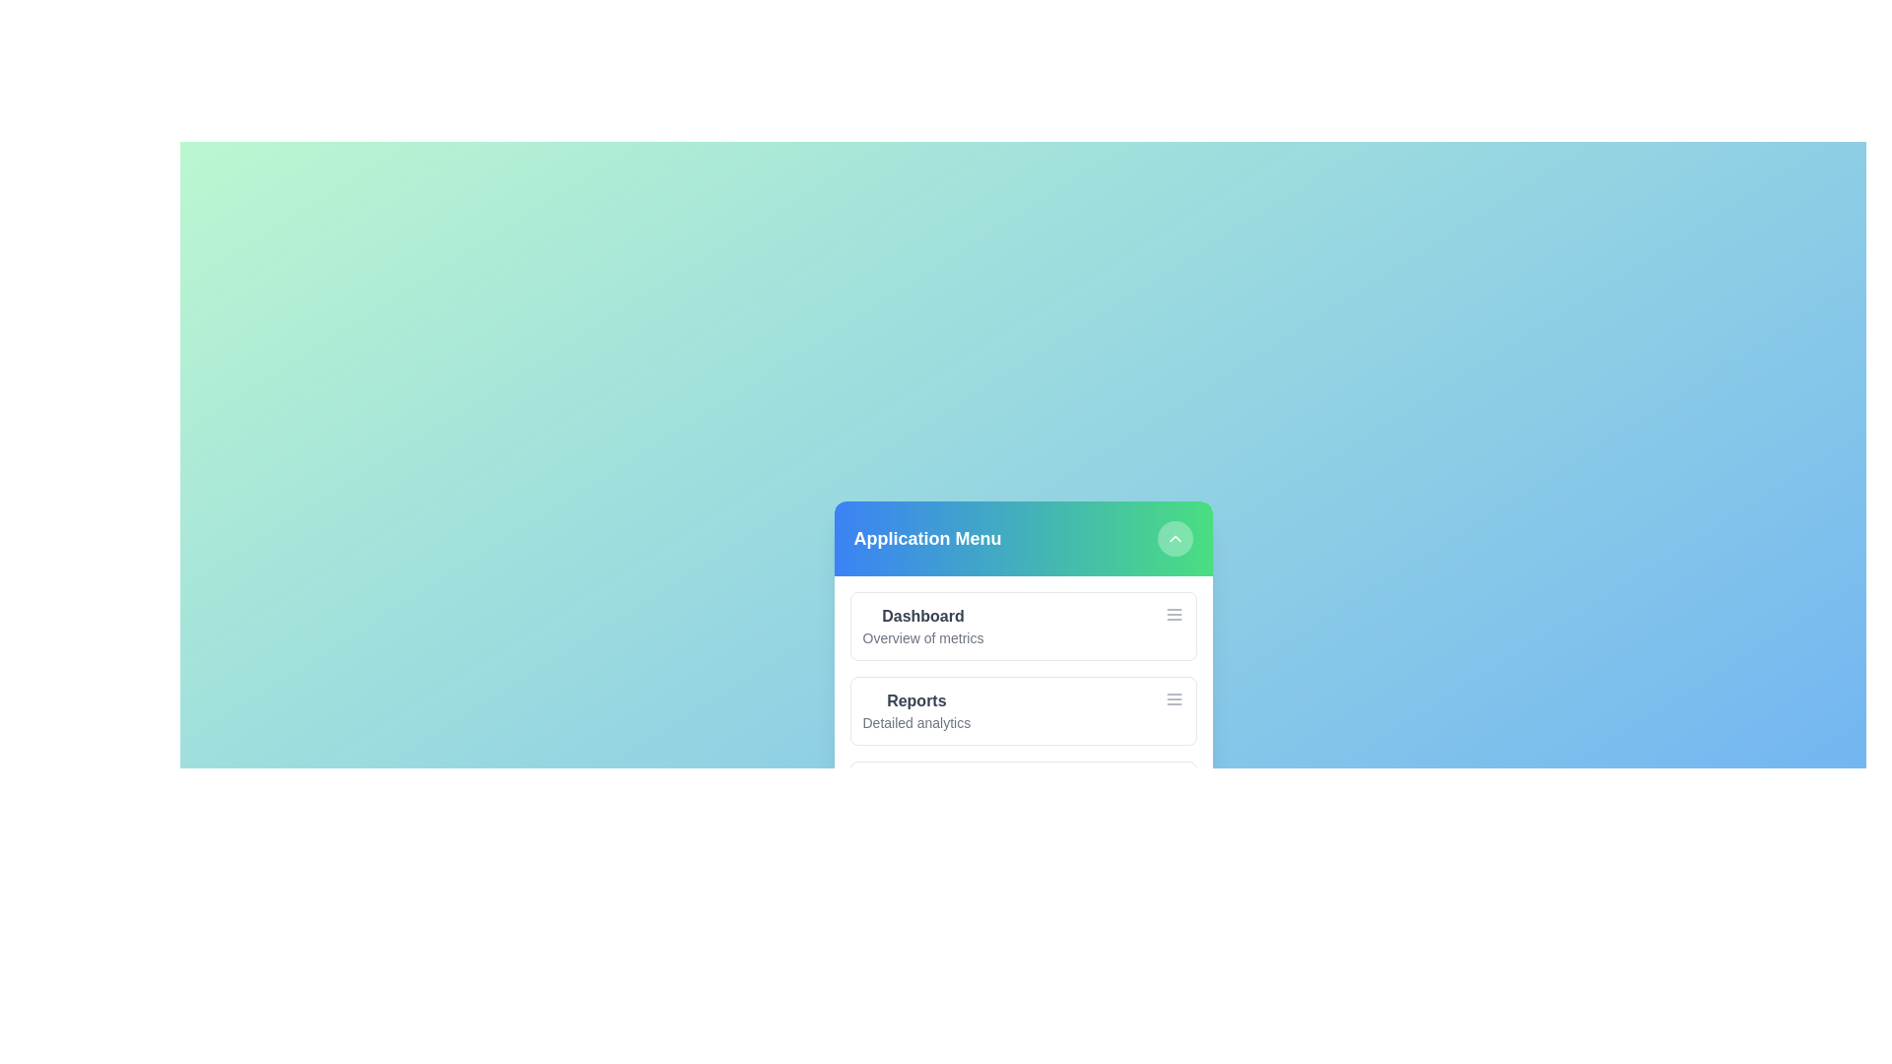 The height and width of the screenshot is (1064, 1892). What do you see at coordinates (921, 615) in the screenshot?
I see `the menu item labeled 'Dashboard'` at bounding box center [921, 615].